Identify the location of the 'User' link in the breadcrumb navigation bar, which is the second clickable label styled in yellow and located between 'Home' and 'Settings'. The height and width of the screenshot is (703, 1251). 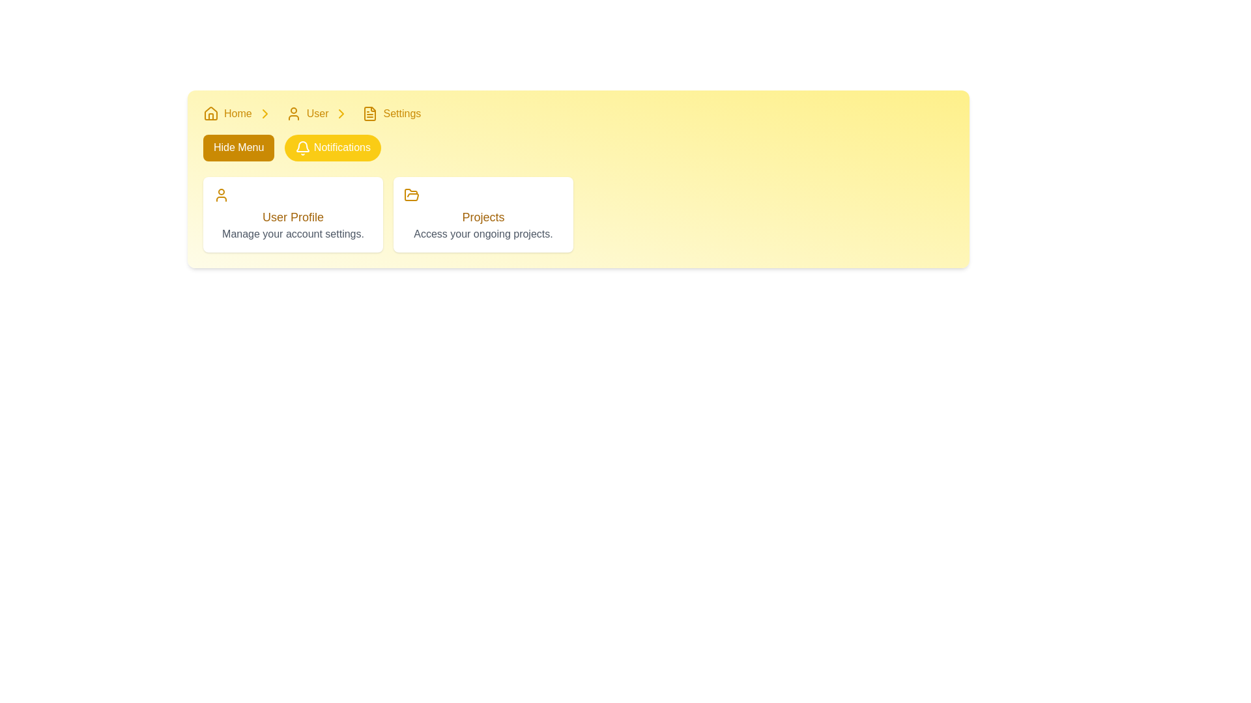
(320, 113).